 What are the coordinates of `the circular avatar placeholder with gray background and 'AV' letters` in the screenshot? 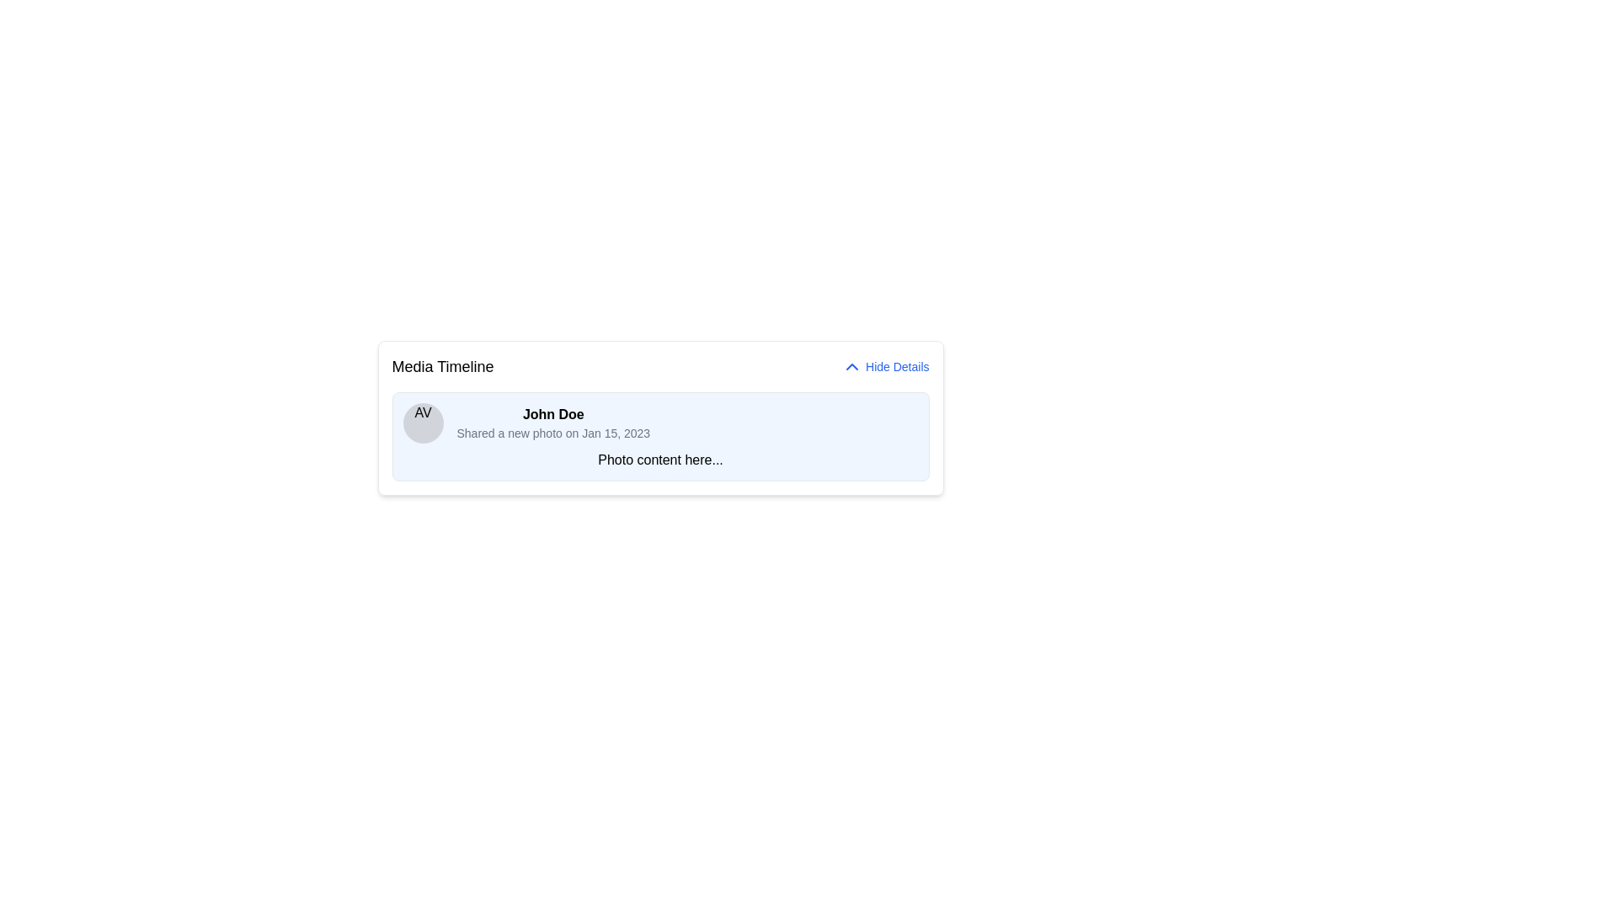 It's located at (423, 422).